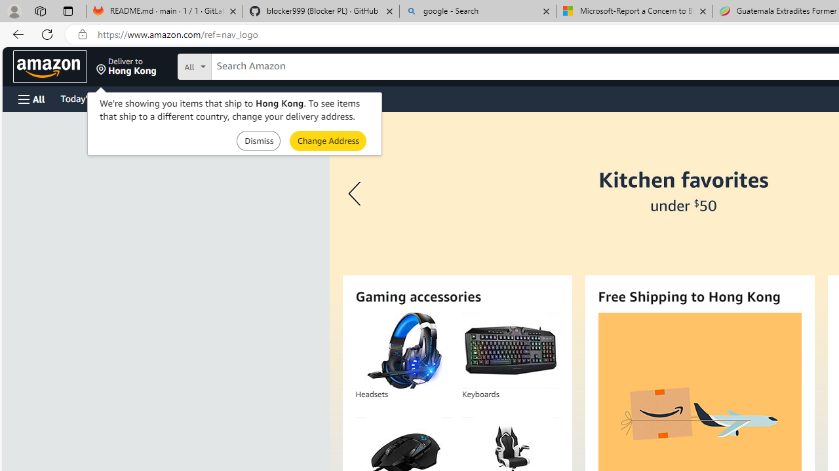  What do you see at coordinates (477, 11) in the screenshot?
I see `'google - Search'` at bounding box center [477, 11].